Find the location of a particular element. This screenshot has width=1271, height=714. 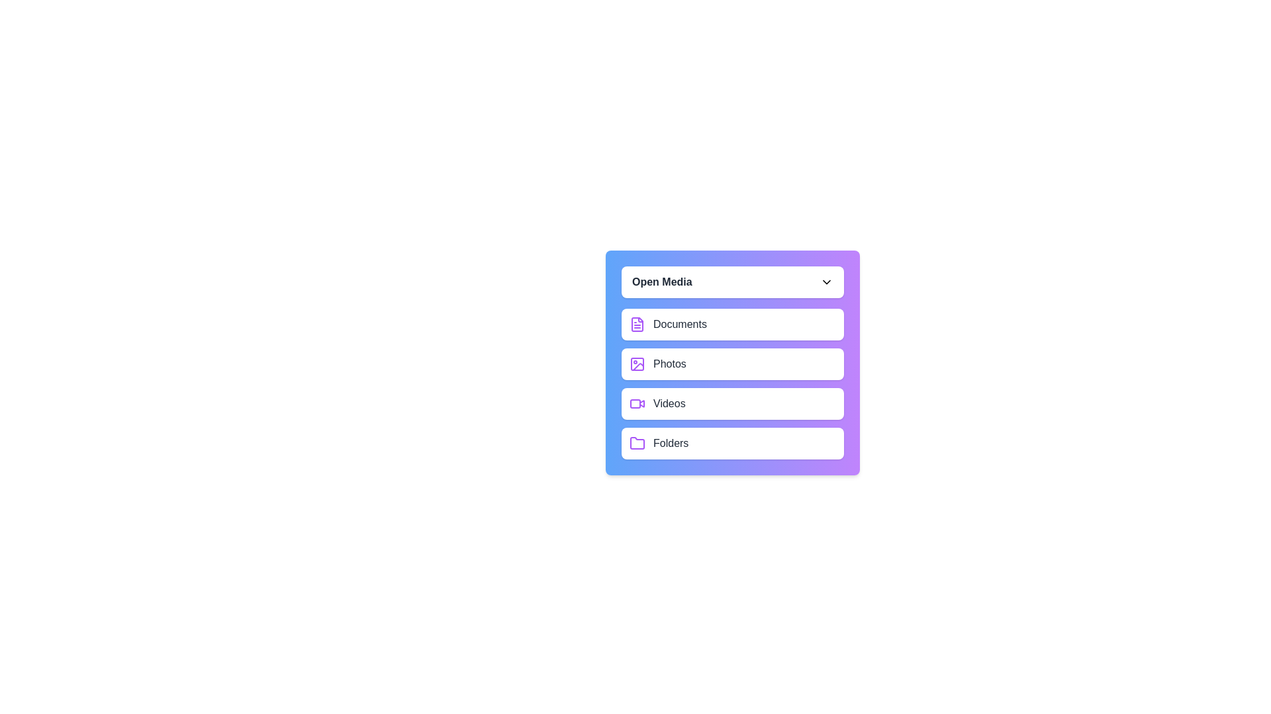

the labeled text within the button-like interface component located in the fourth row of a list layout inside a card, positioned to the right of the purple folder icon and below the 'Videos' row is located at coordinates (671, 444).